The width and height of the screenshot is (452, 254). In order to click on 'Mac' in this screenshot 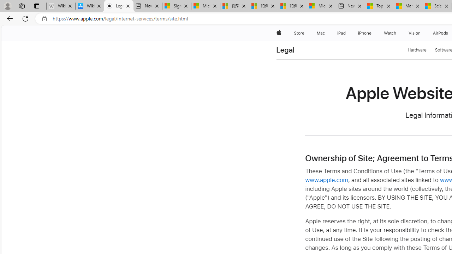, I will do `click(320, 33)`.